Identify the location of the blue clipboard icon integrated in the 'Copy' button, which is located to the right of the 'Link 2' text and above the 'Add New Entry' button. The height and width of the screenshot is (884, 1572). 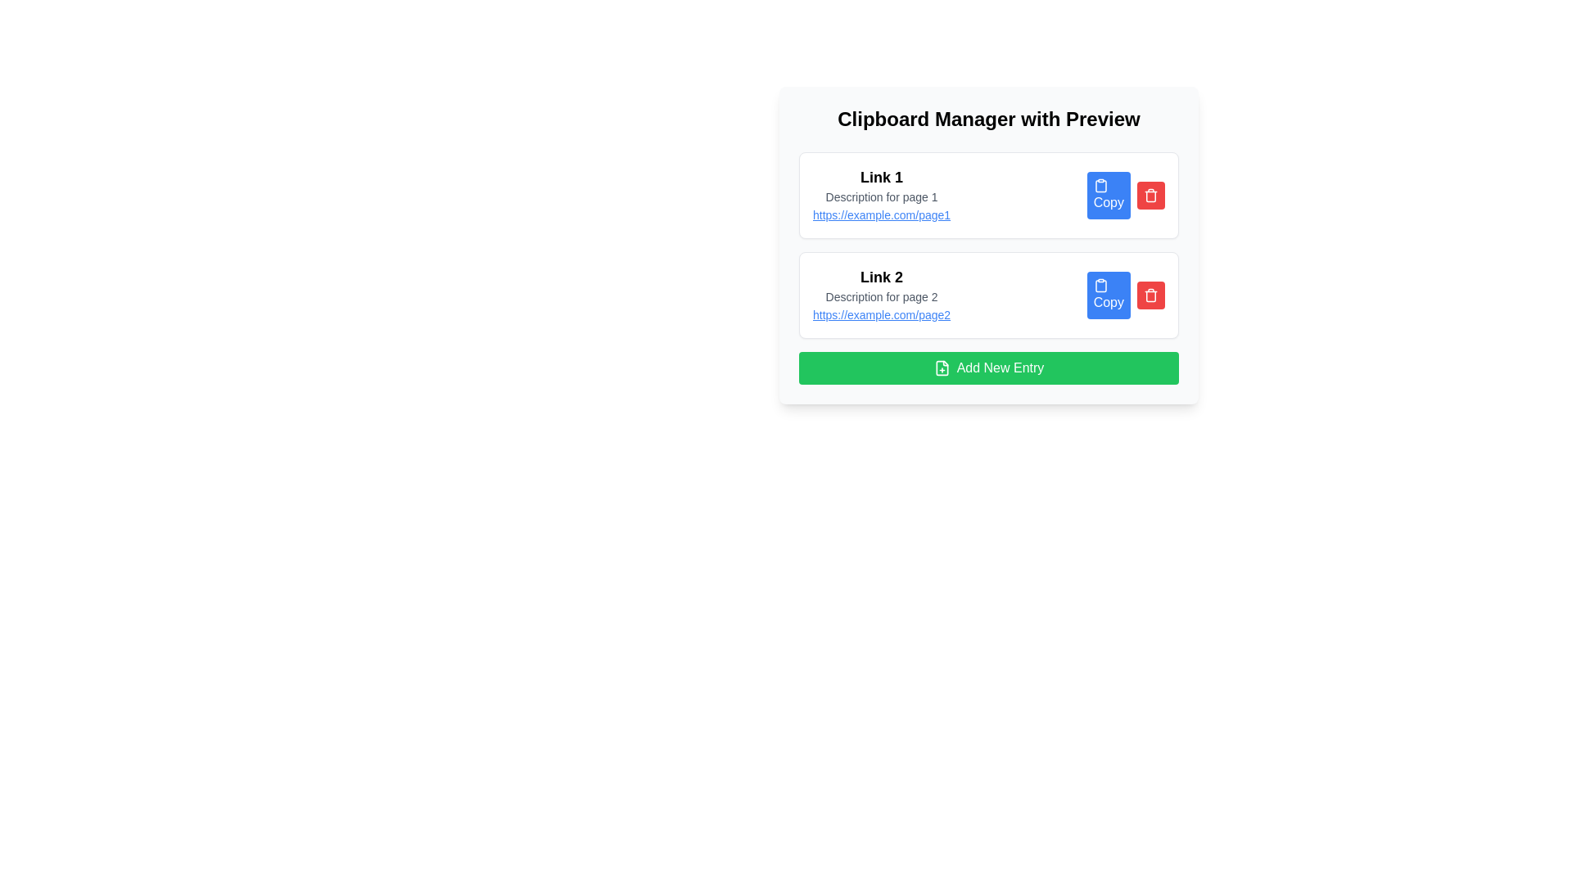
(1100, 284).